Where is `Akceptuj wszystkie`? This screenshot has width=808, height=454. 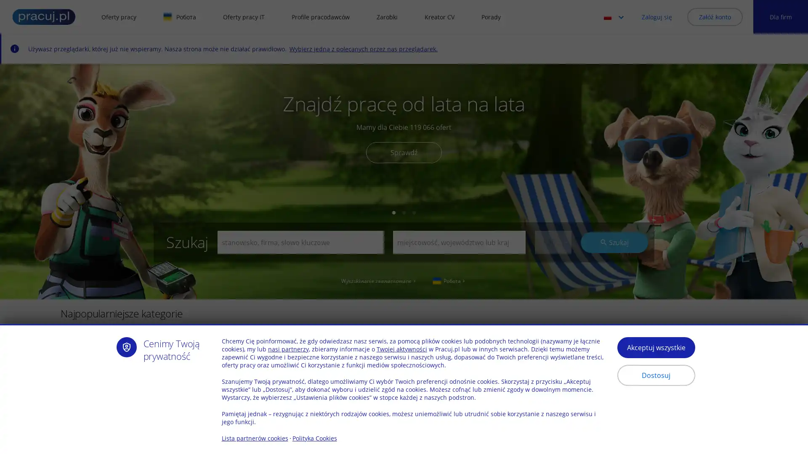
Akceptuj wszystkie is located at coordinates (655, 347).